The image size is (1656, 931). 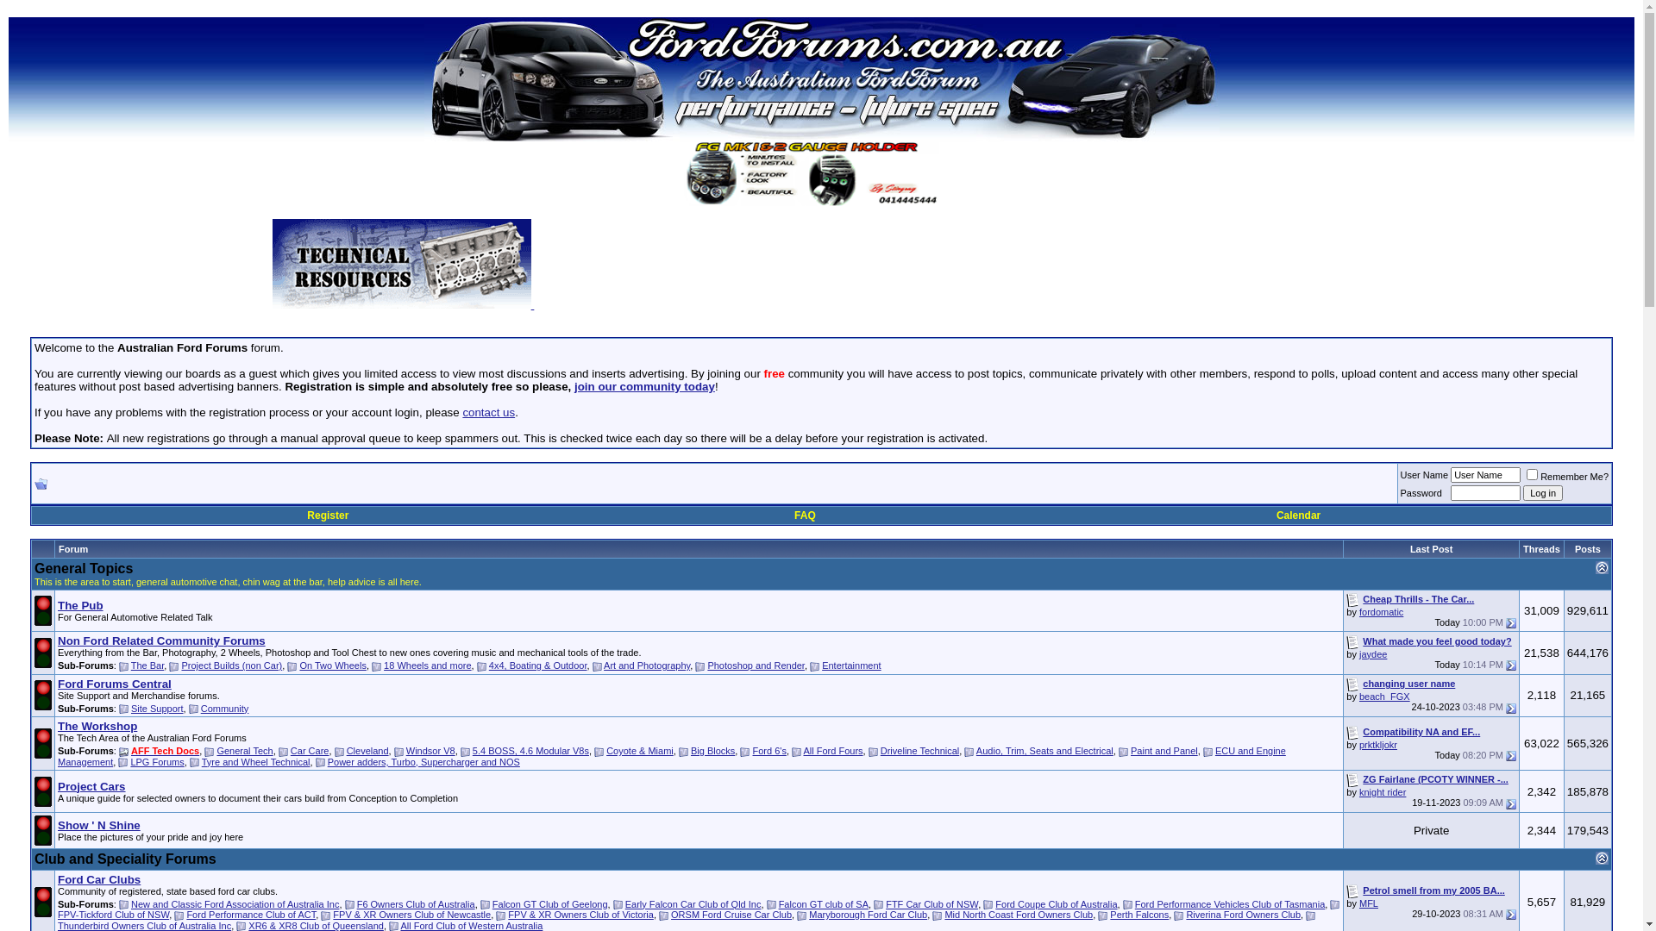 I want to click on 'Perth Falcons', so click(x=1138, y=913).